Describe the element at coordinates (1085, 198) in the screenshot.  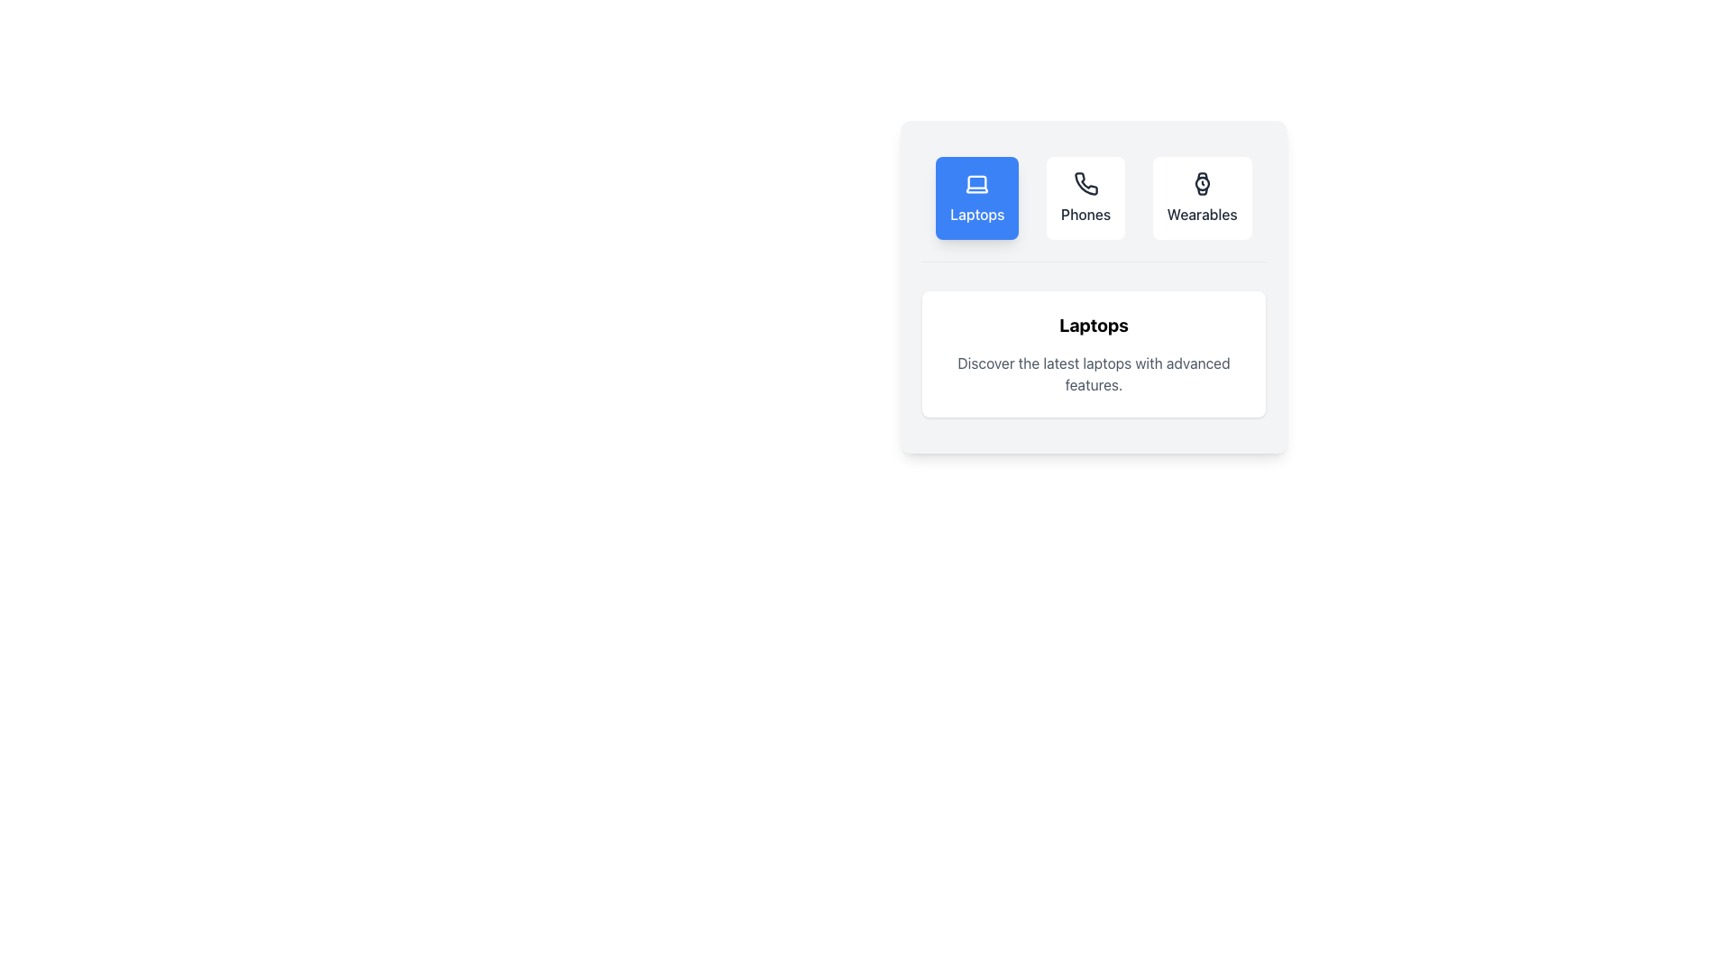
I see `the navigational button related to phones, positioned between the 'Laptops' and 'Wearables' cards to trigger a visual effect` at that location.